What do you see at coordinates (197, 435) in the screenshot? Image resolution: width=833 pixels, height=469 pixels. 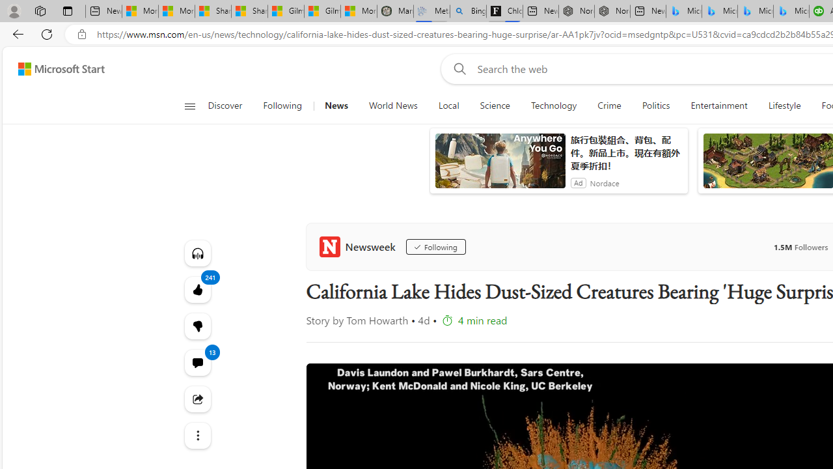 I see `'See more'` at bounding box center [197, 435].